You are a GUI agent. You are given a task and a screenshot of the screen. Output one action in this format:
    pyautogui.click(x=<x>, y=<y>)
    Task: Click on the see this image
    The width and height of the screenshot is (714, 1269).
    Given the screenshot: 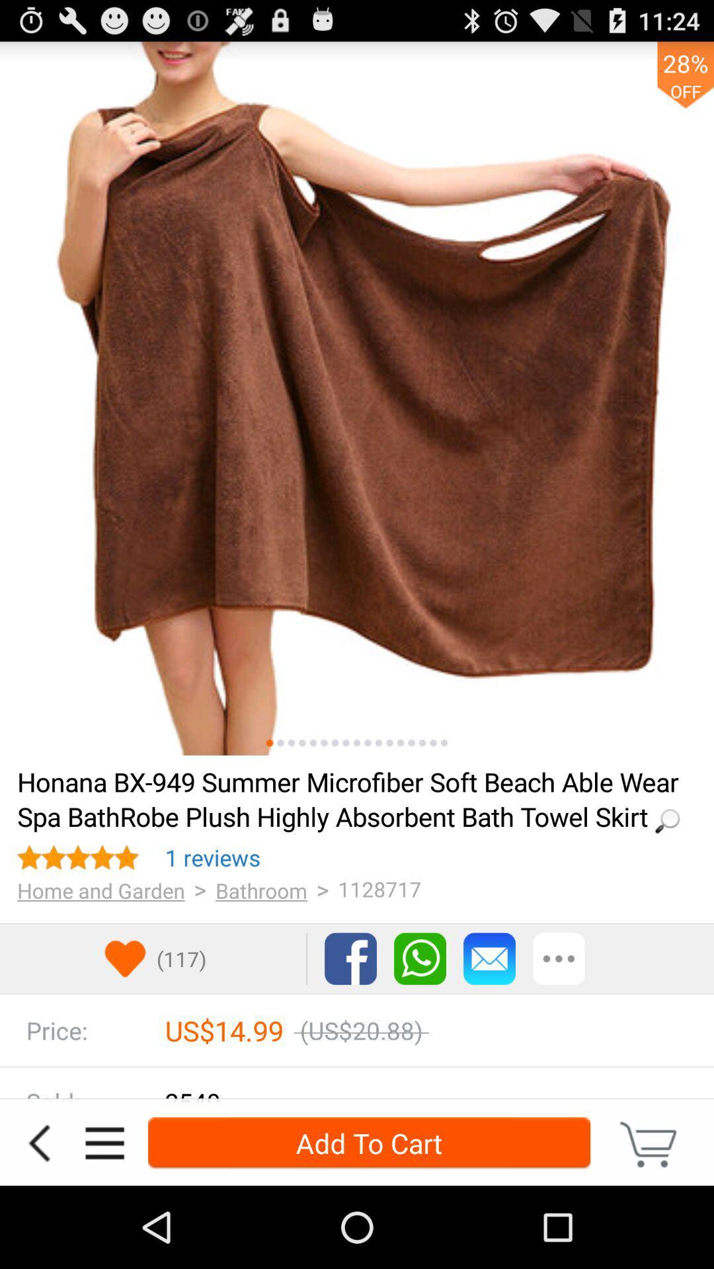 What is the action you would take?
    pyautogui.click(x=389, y=743)
    